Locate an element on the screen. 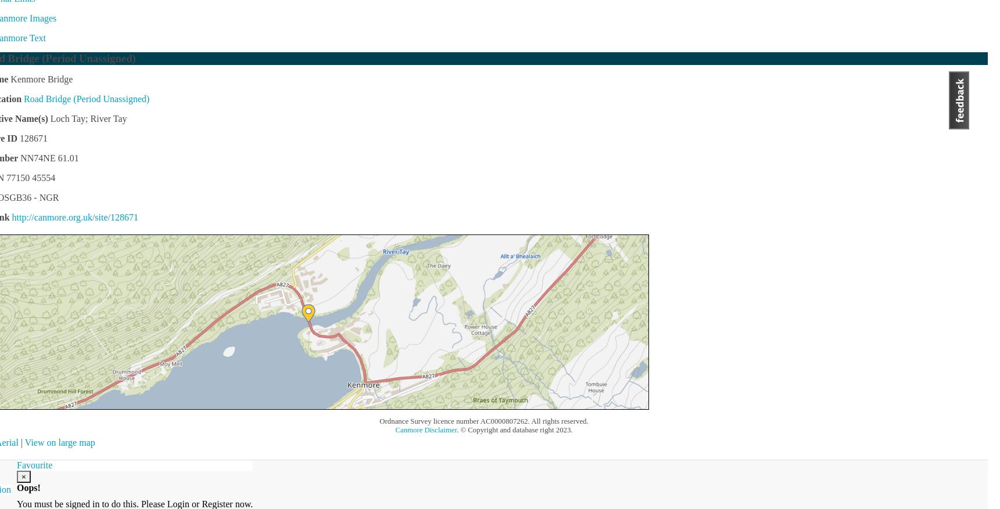 The image size is (1000, 509). '. 
	© Copyright and database right 2023.' is located at coordinates (514, 429).